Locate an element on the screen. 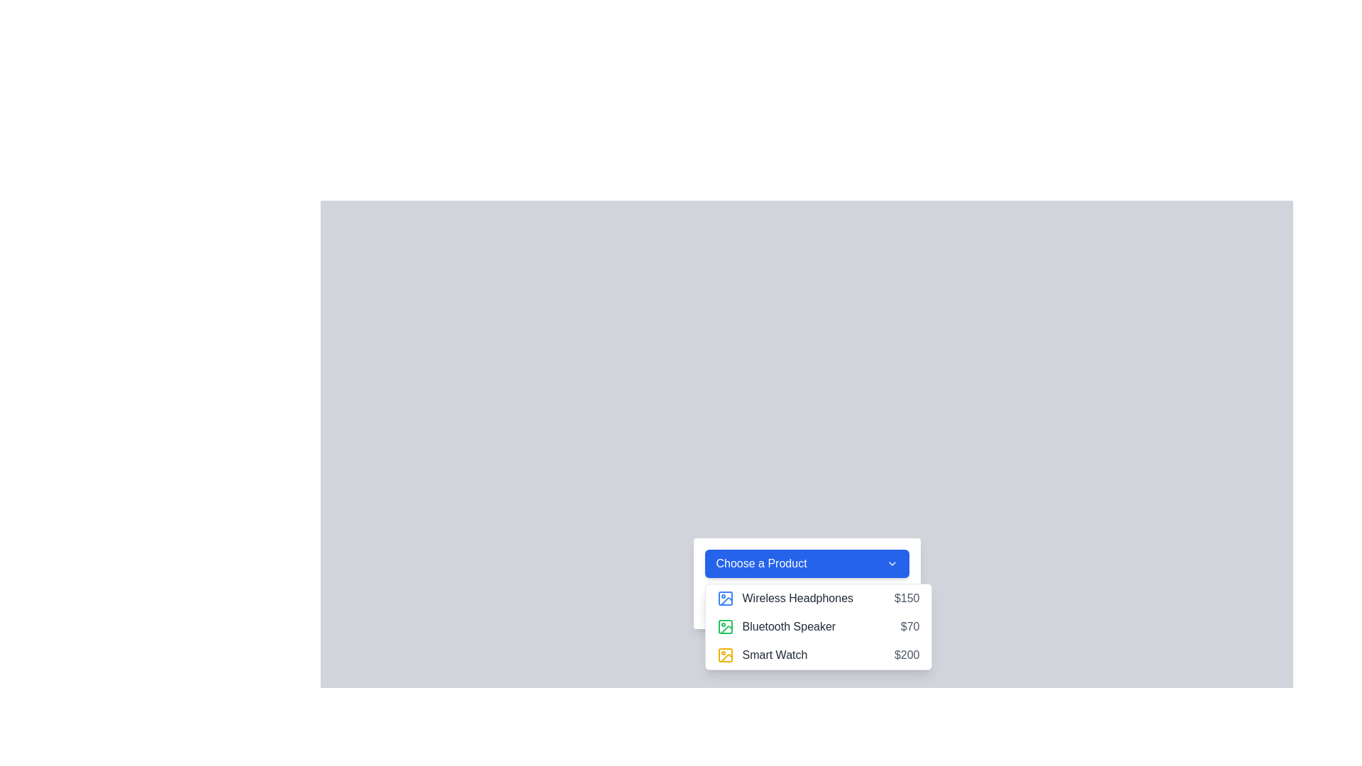 This screenshot has height=766, width=1362. the static text label displaying the price information for the 'Wireless Headphones' product, located at the far right of the item listing is located at coordinates (906, 599).